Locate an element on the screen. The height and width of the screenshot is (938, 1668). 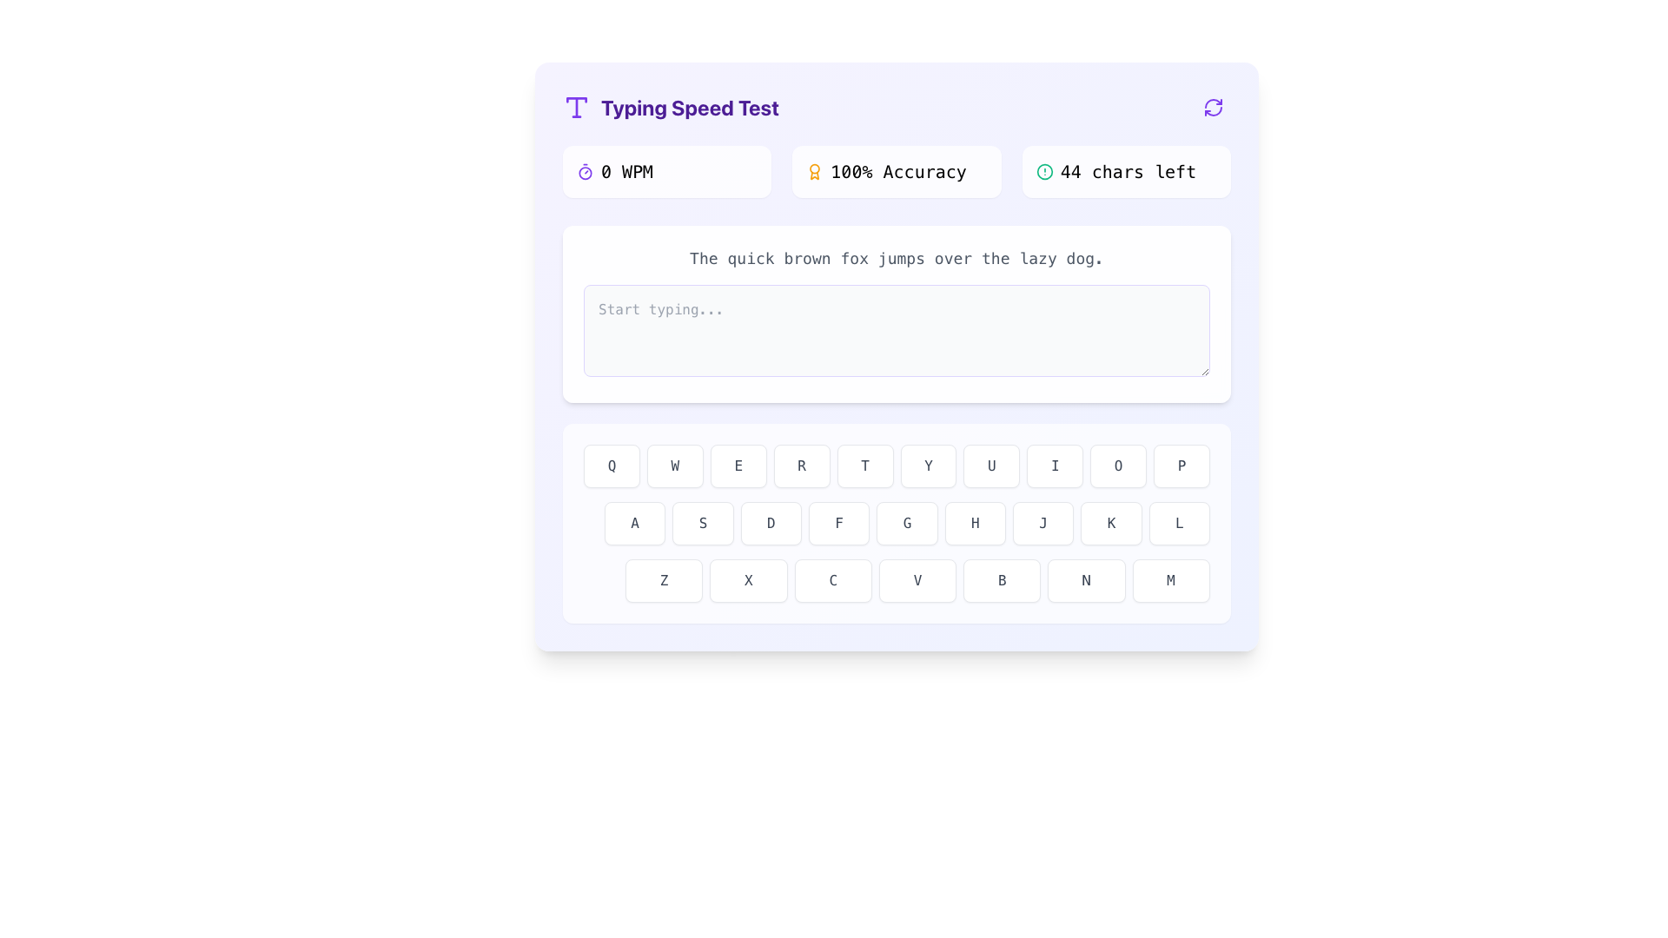
the Text Label that serves as the title or heading for the interface, located to the right of a large violet 'T' icon is located at coordinates (689, 107).